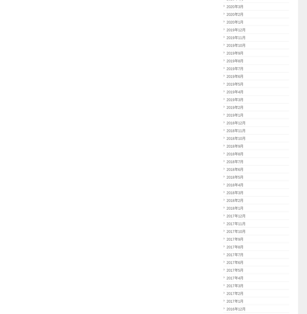  I want to click on '2018年7月', so click(235, 162).